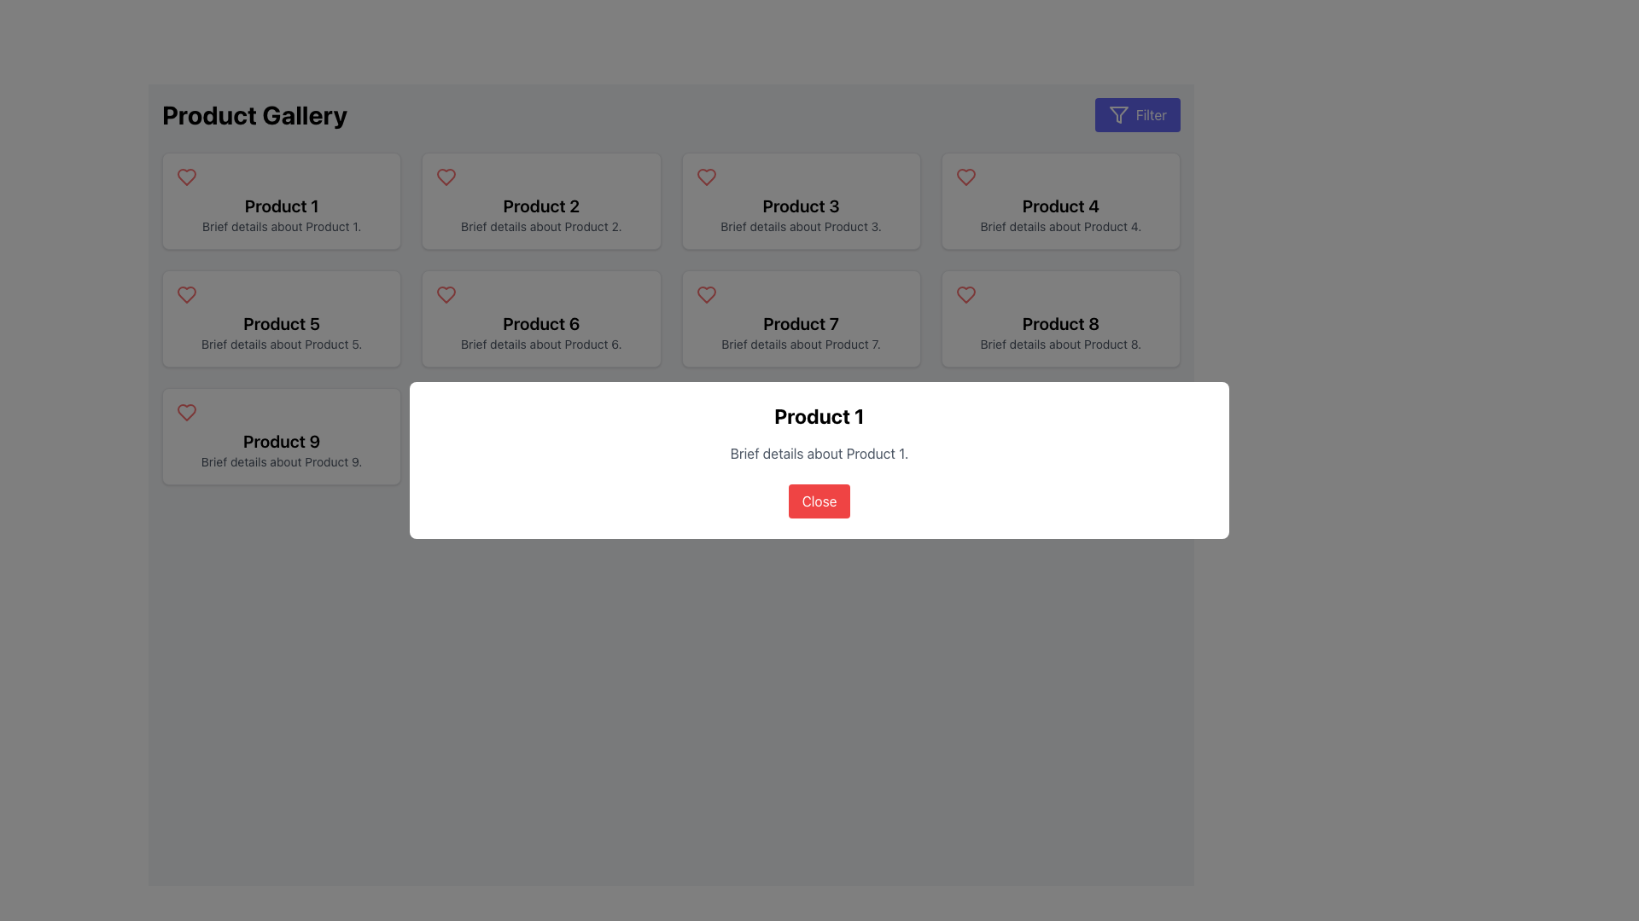  Describe the element at coordinates (800, 226) in the screenshot. I see `the textual description element that provides information about 'Product 3,' positioned beneath its title within the product card` at that location.